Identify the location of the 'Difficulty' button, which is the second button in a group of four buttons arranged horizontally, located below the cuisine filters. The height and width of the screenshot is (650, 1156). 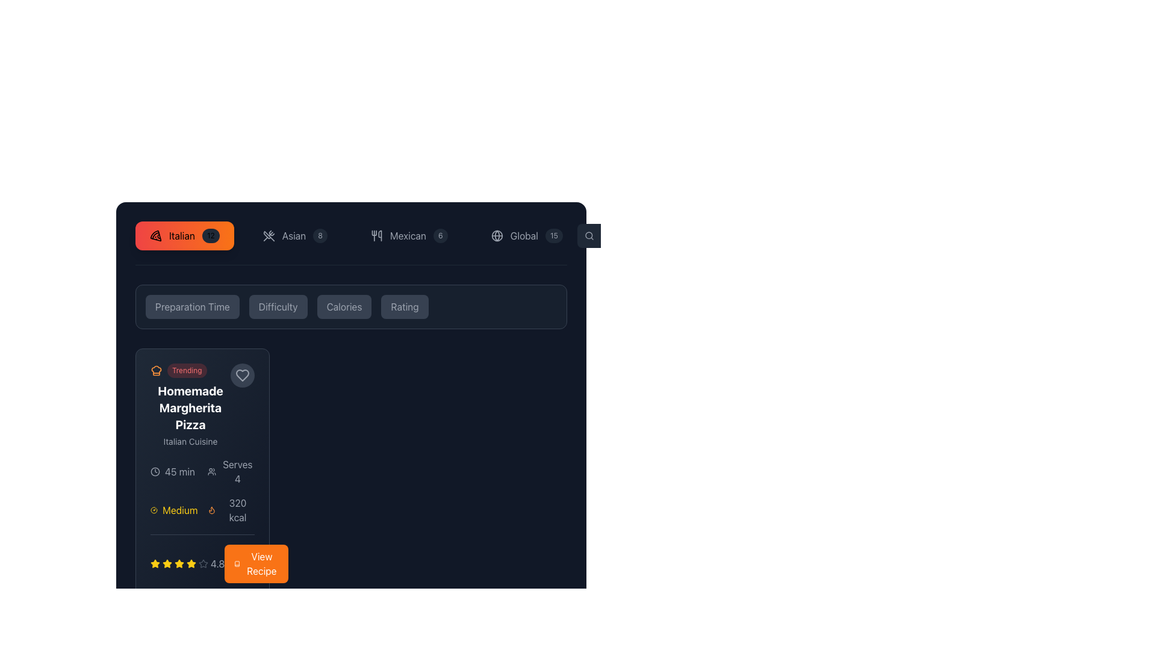
(278, 306).